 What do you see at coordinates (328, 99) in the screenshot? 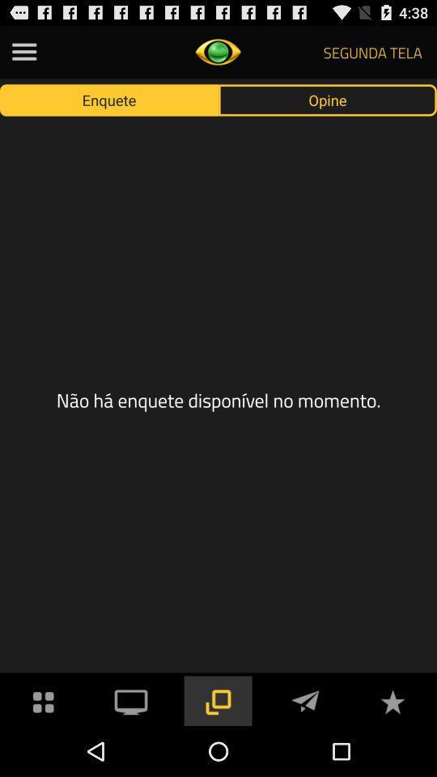
I see `opine icon` at bounding box center [328, 99].